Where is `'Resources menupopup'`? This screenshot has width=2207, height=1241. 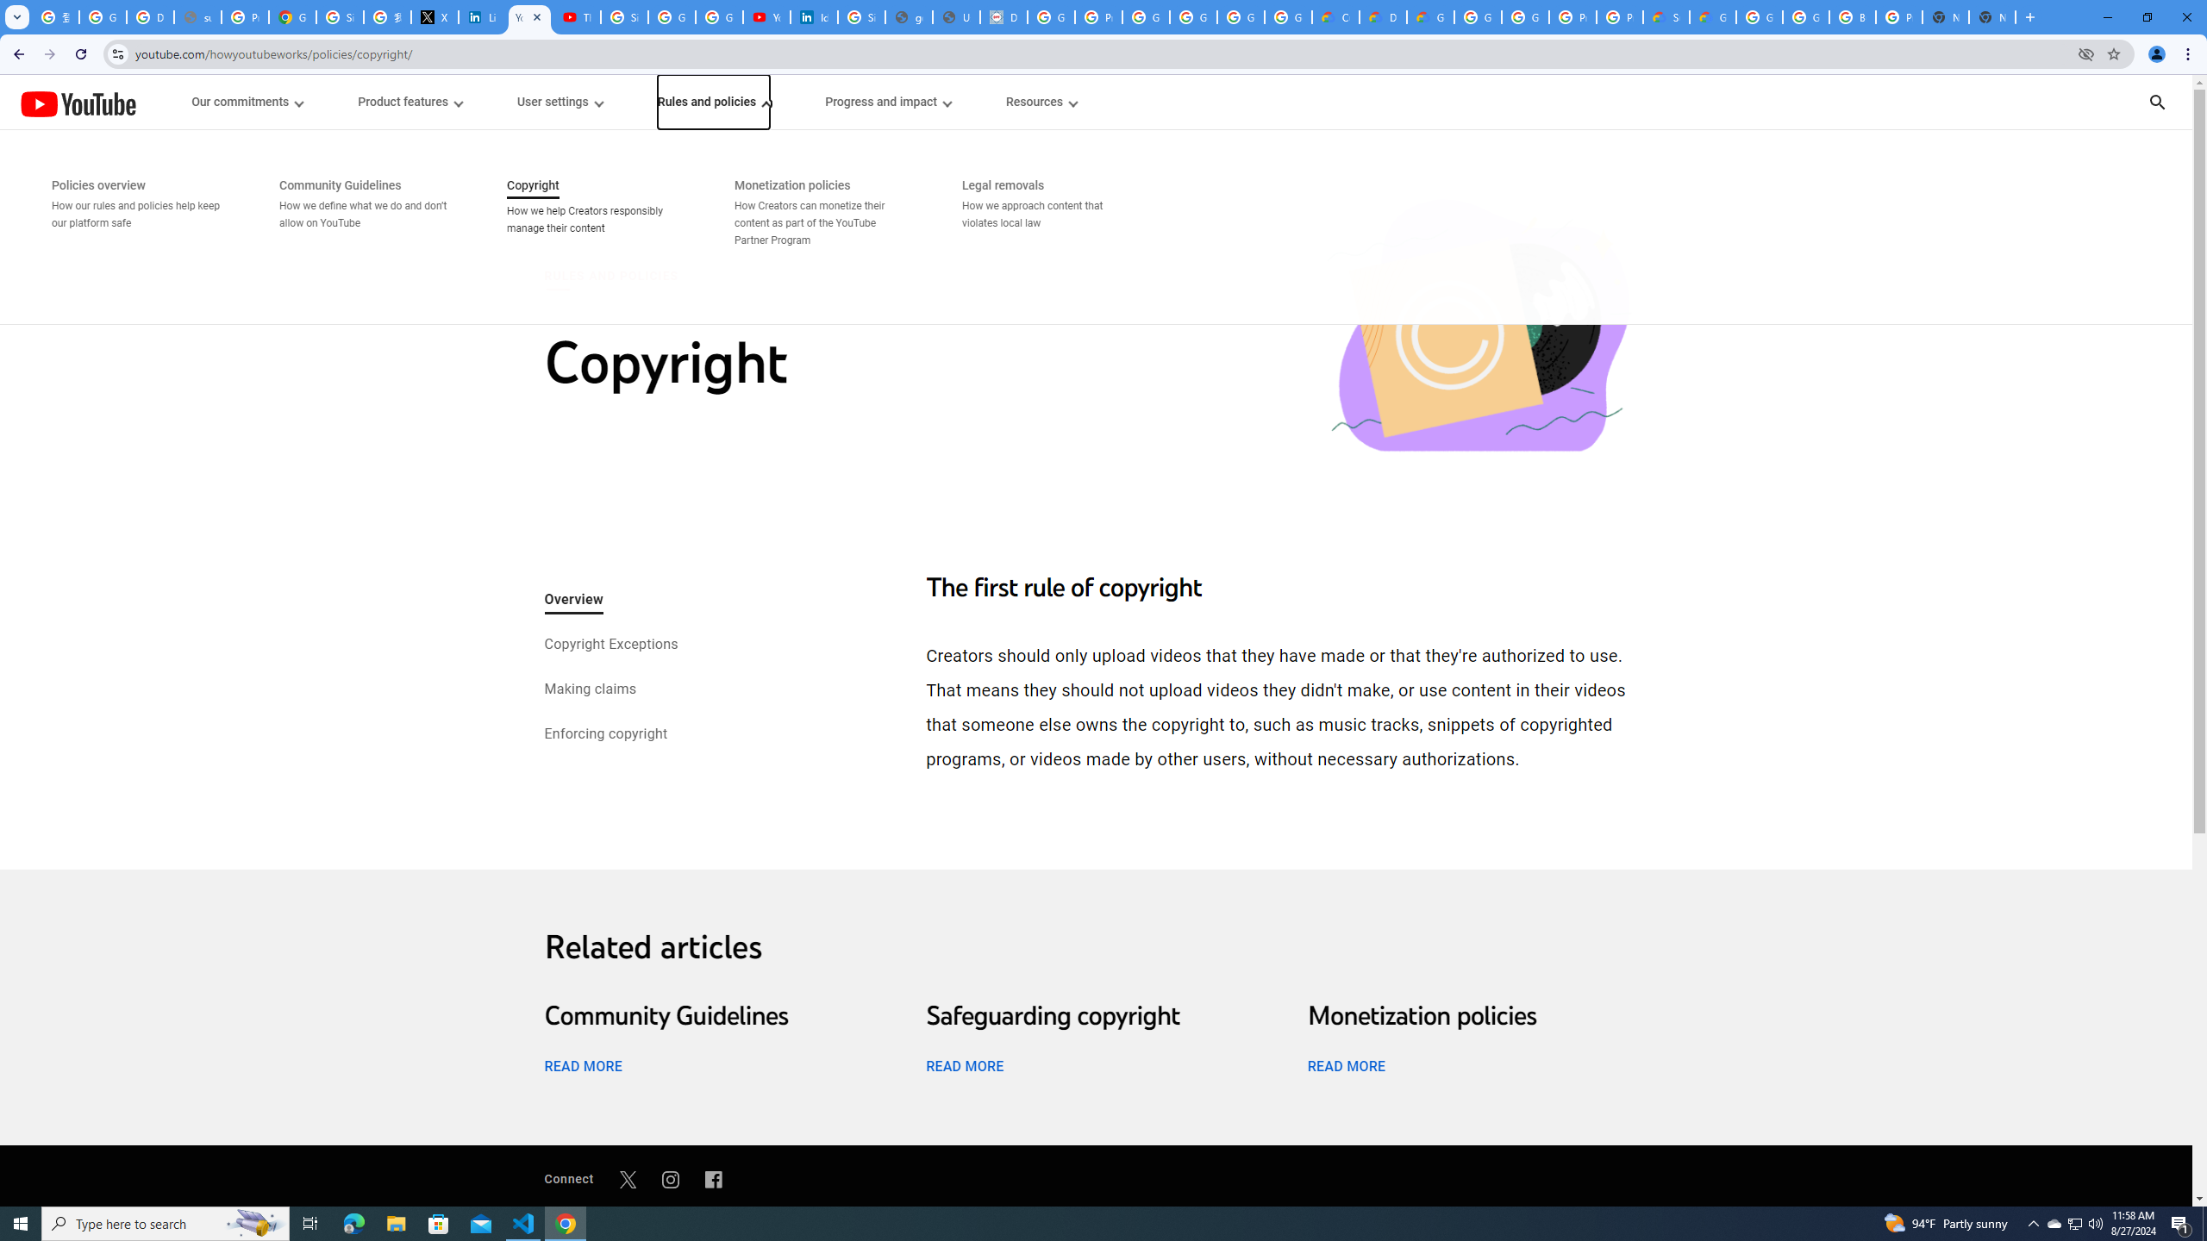
'Resources menupopup' is located at coordinates (1040, 102).